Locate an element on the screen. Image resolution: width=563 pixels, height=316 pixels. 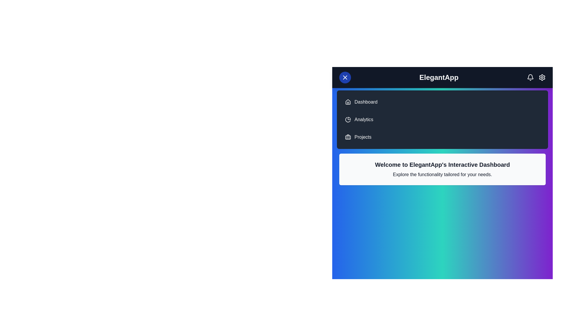
the button with the X icon to toggle the menu visibility is located at coordinates (345, 77).